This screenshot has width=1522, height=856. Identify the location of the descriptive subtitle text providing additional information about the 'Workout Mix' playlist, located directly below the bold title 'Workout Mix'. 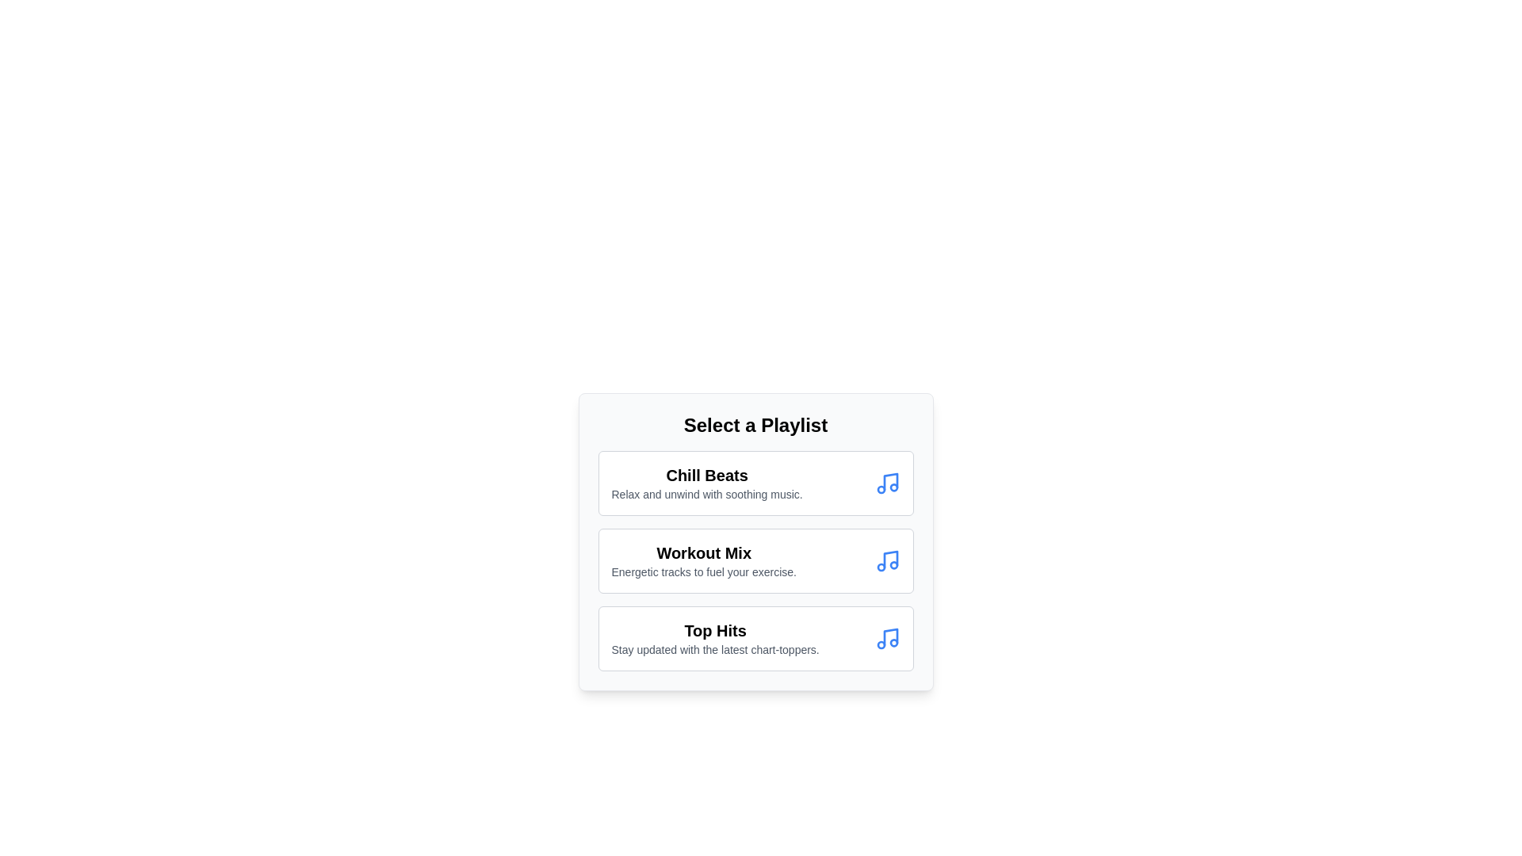
(703, 571).